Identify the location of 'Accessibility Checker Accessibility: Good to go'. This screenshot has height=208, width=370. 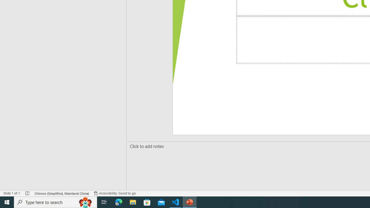
(115, 193).